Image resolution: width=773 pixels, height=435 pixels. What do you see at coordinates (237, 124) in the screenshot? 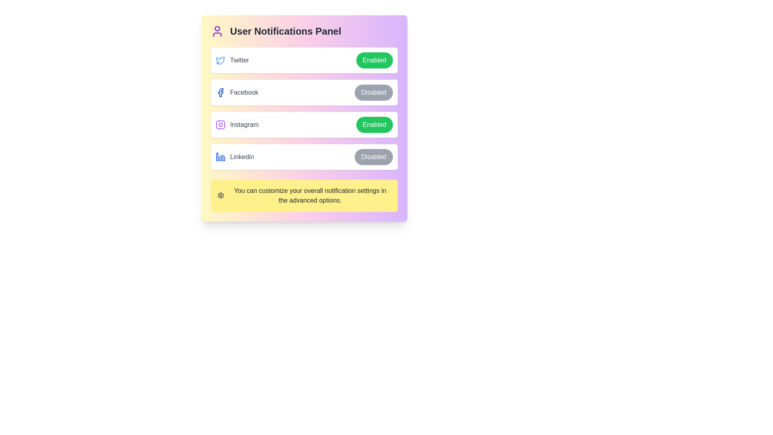
I see `the Label element displaying the purple Instagram icon and the text 'Instagram' located in the third row of the 'User Notifications Panel'` at bounding box center [237, 124].